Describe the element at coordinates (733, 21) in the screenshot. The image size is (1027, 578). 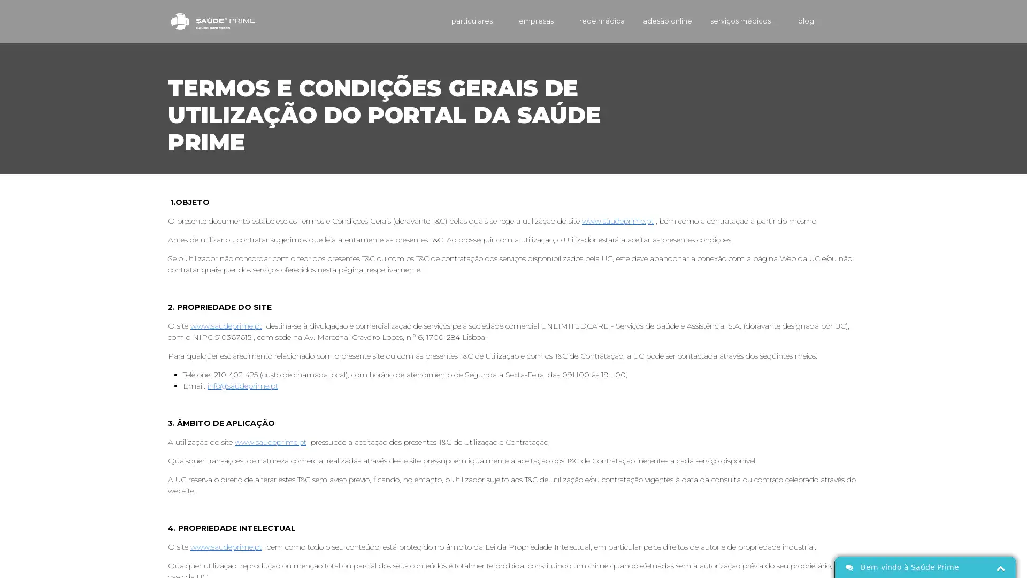
I see `servicos medicos` at that location.